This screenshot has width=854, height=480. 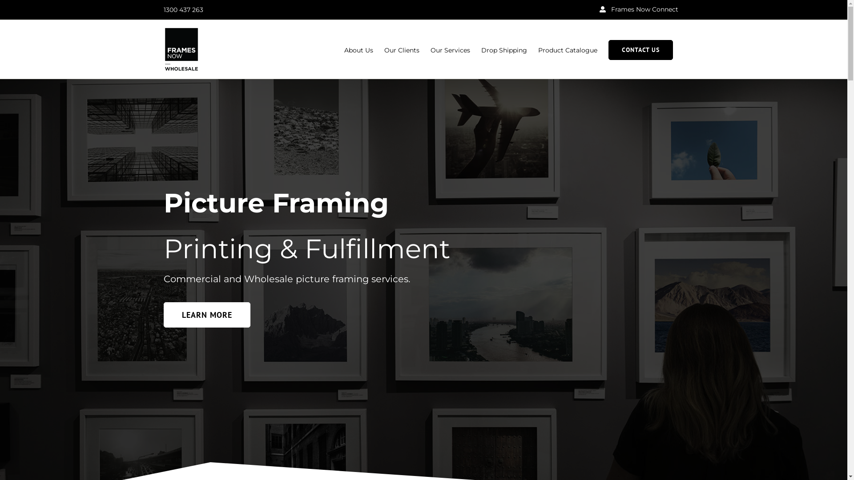 I want to click on 'Product Catalogue', so click(x=567, y=49).